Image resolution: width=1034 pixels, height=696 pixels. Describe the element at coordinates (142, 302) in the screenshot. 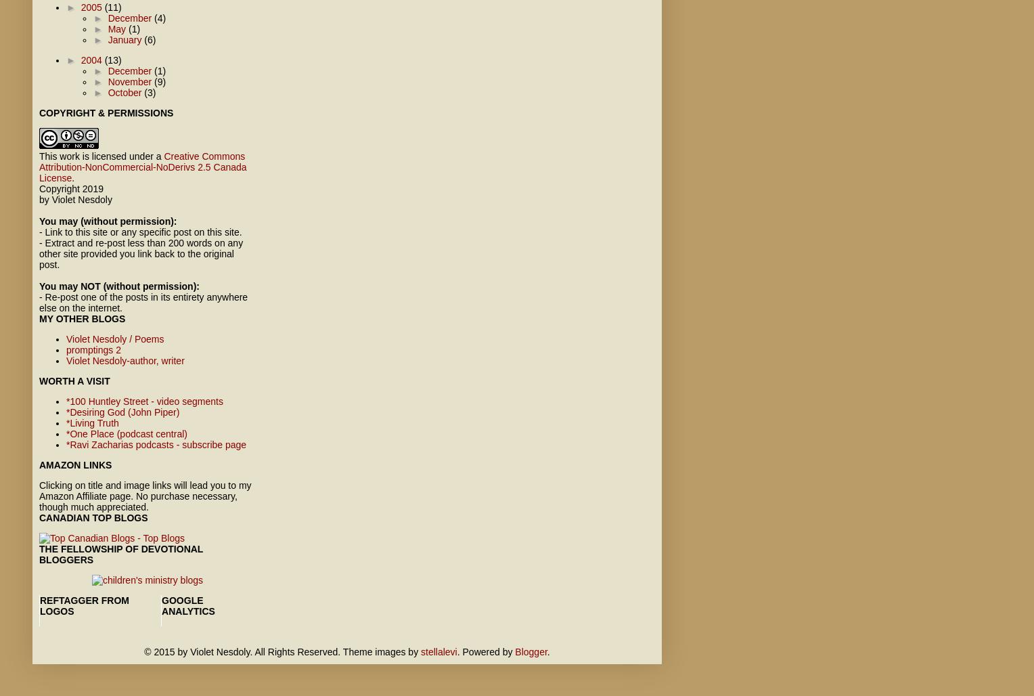

I see `'- Re-post one of the posts in its entirety anywhere else on the internet.'` at that location.